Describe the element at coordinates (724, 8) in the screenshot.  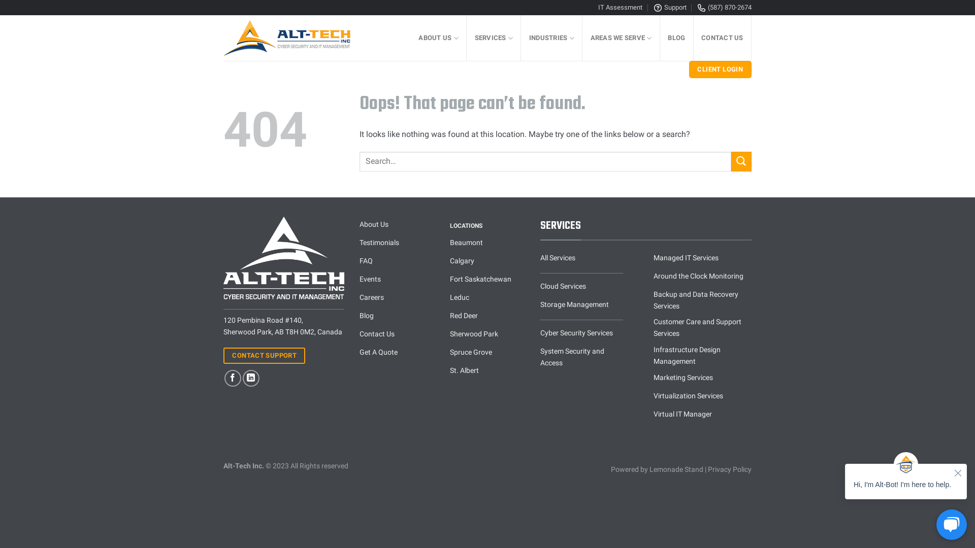
I see `'(587) 870-2674'` at that location.